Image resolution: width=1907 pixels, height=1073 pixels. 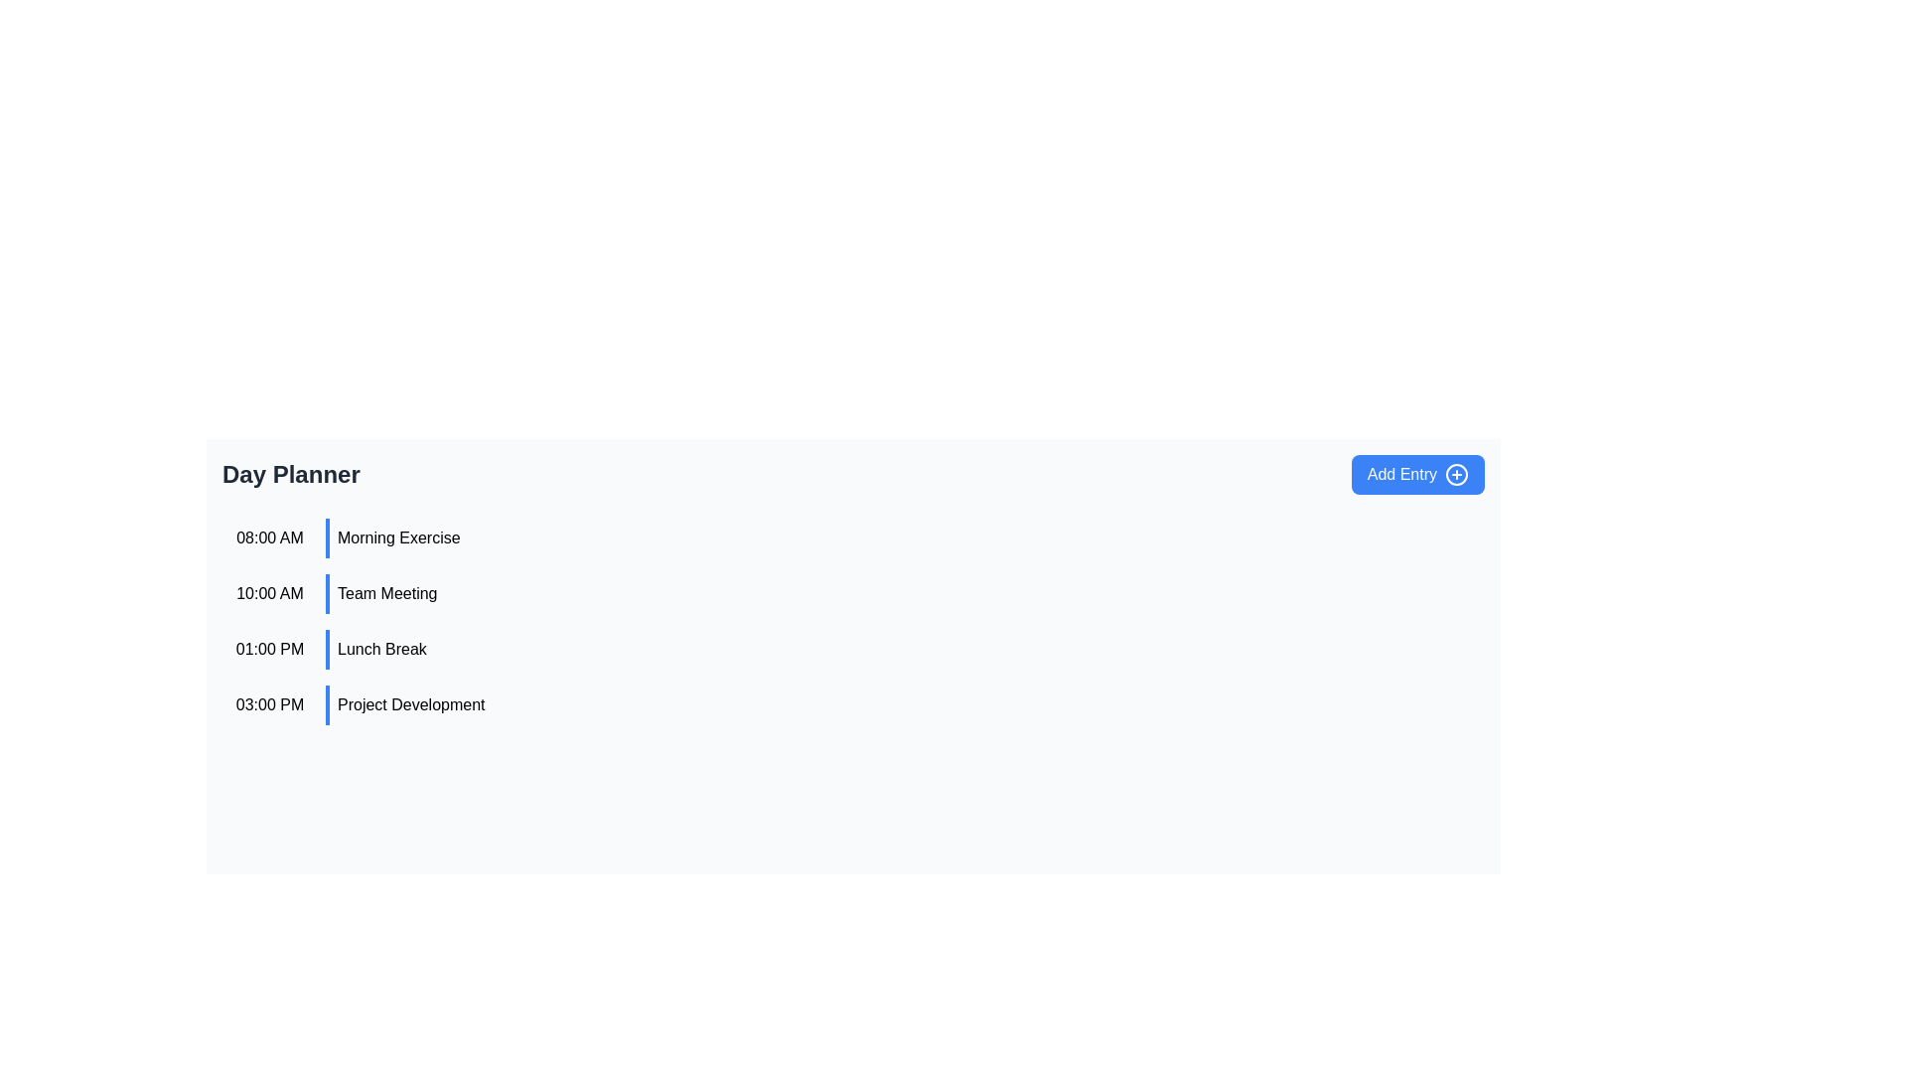 I want to click on the Decorative Separator, which is a slim vertical blue bar located between the '01:00 PM' text on the left and 'Lunch Break' text on the right, so click(x=328, y=650).